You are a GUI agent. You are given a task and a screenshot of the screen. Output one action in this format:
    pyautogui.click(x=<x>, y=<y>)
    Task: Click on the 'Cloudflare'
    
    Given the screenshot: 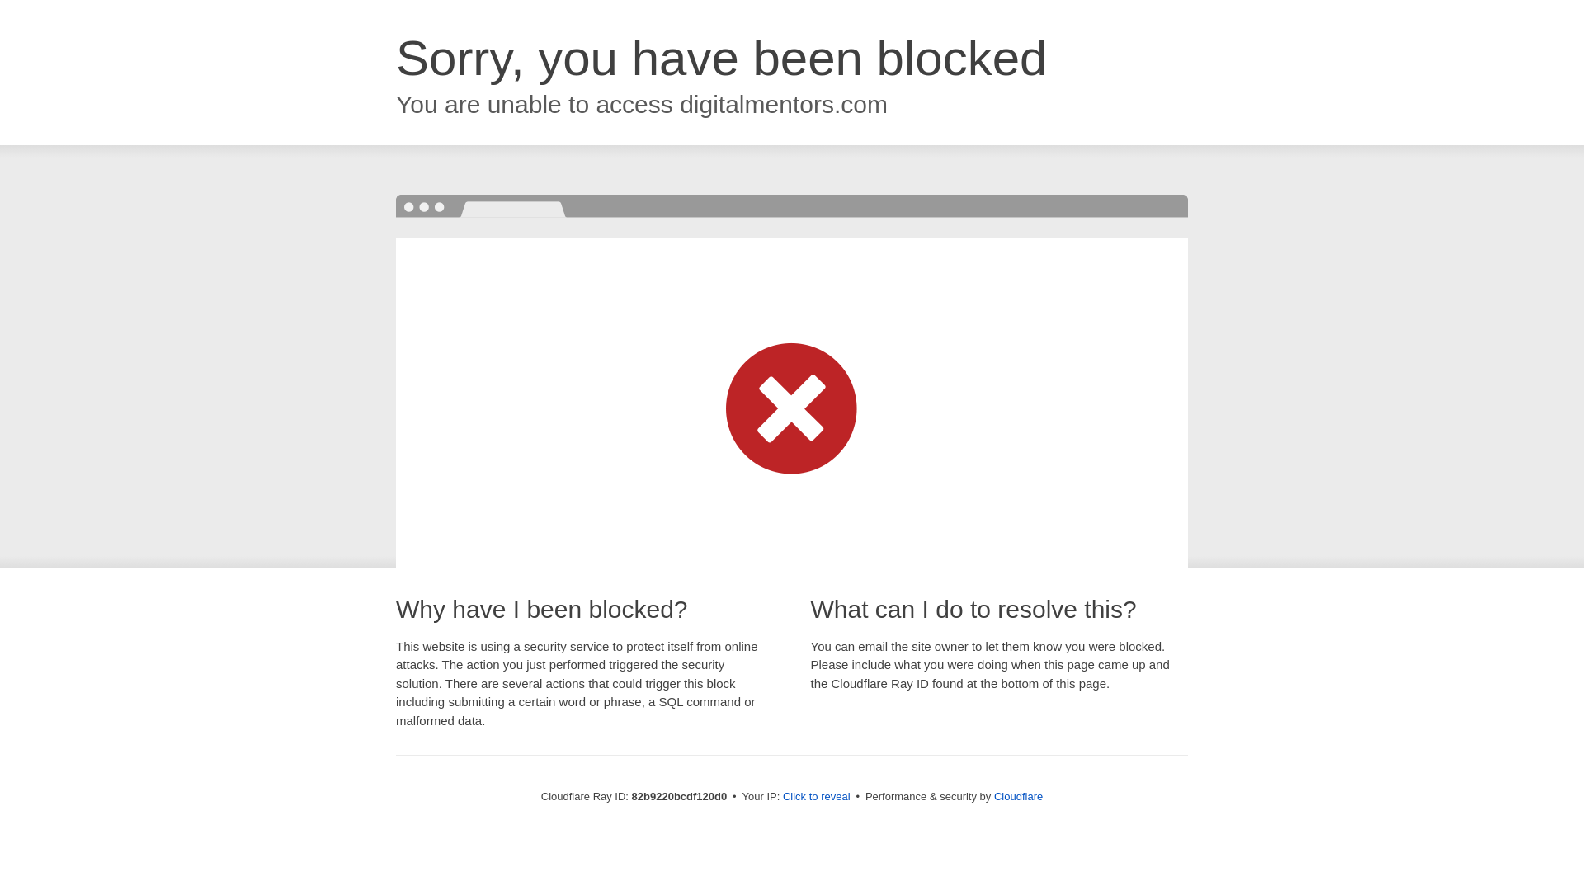 What is the action you would take?
    pyautogui.click(x=1017, y=795)
    